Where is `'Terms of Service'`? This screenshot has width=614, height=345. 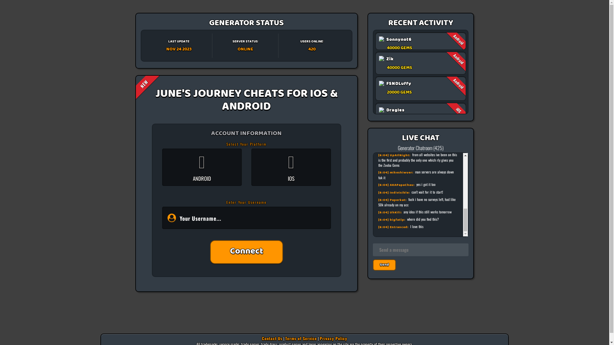 'Terms of Service' is located at coordinates (301, 338).